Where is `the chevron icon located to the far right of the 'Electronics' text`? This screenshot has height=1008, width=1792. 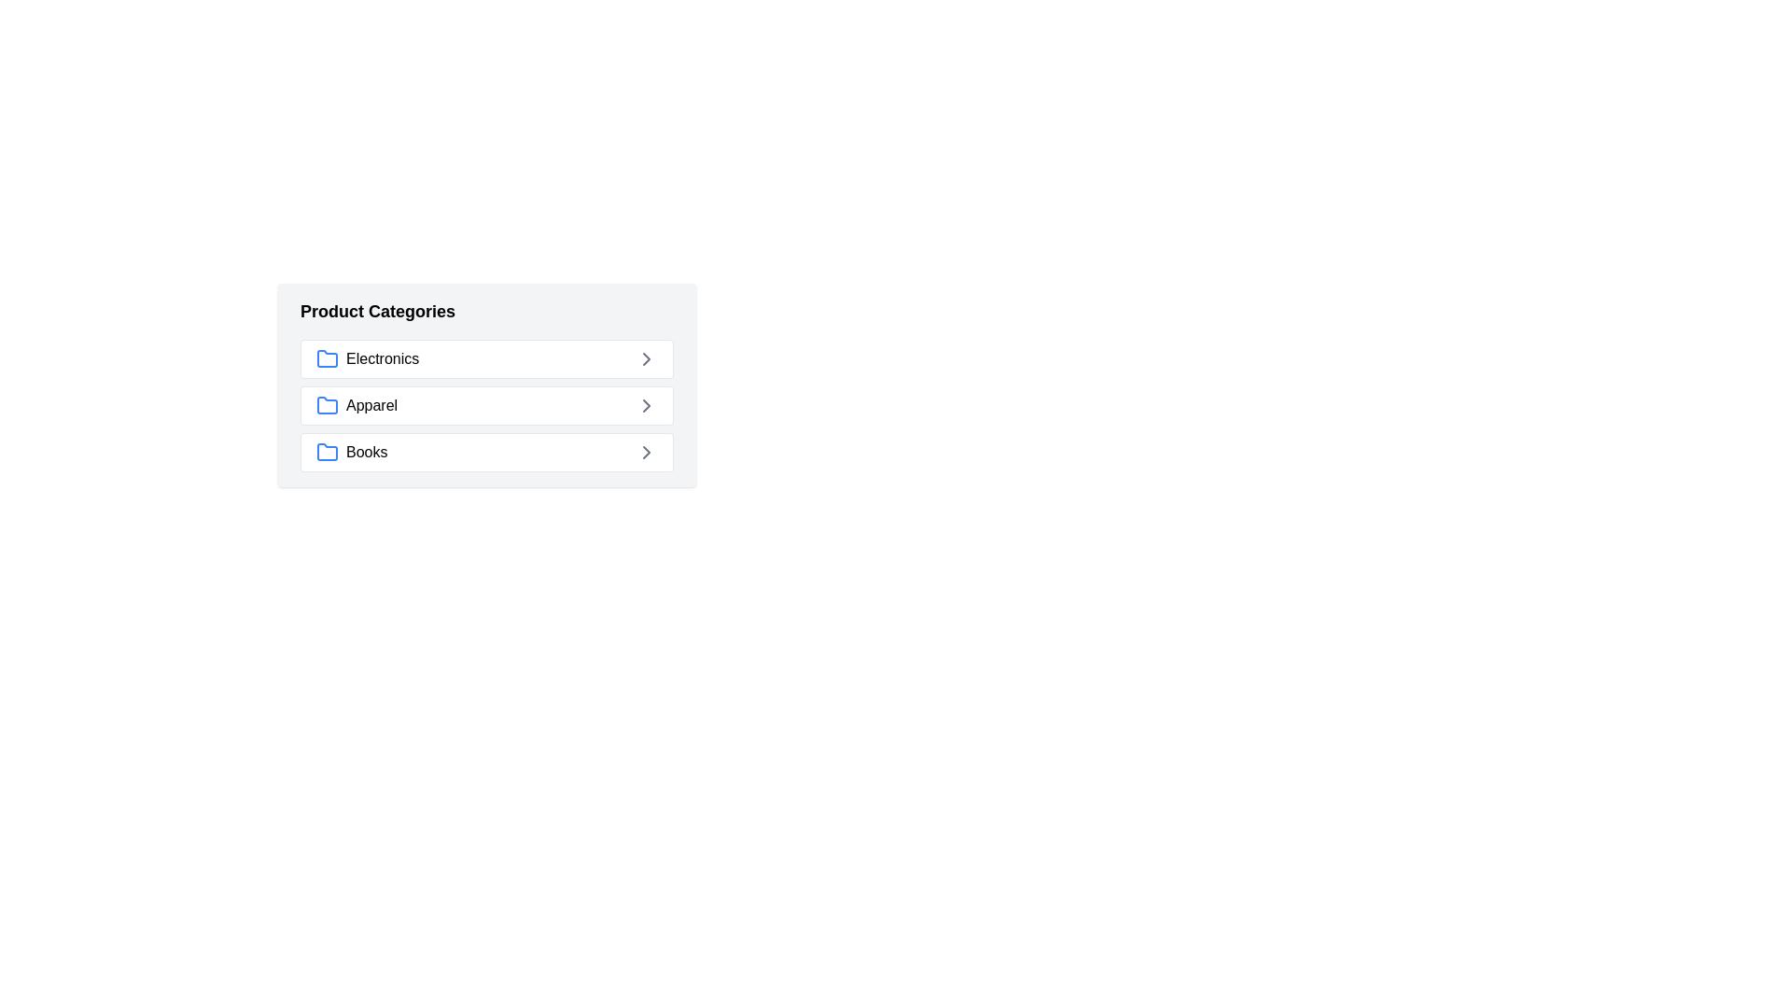 the chevron icon located to the far right of the 'Electronics' text is located at coordinates (646, 359).